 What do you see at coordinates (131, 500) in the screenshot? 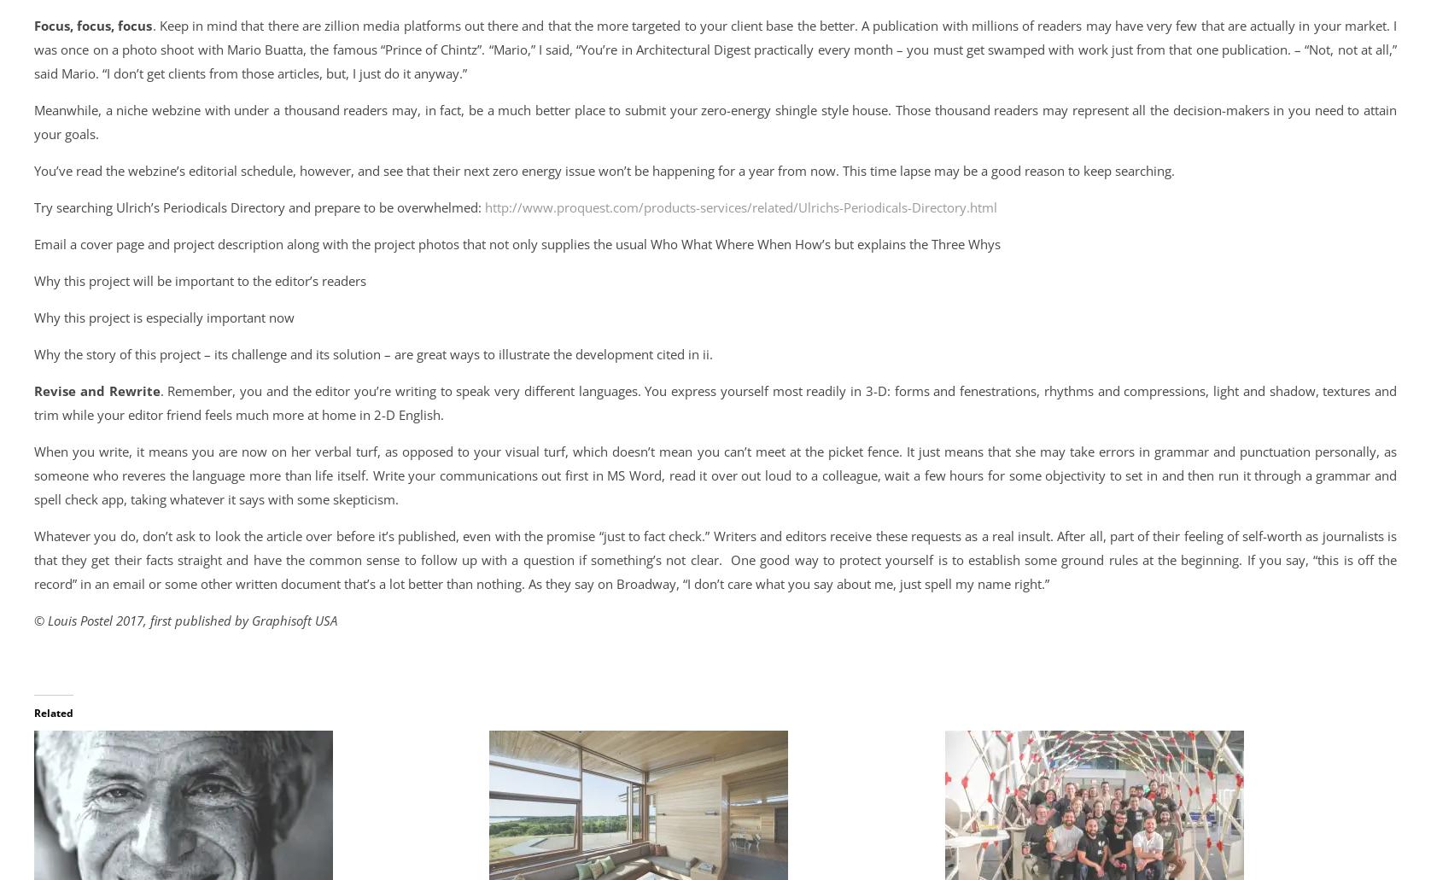
I see `'faq'` at bounding box center [131, 500].